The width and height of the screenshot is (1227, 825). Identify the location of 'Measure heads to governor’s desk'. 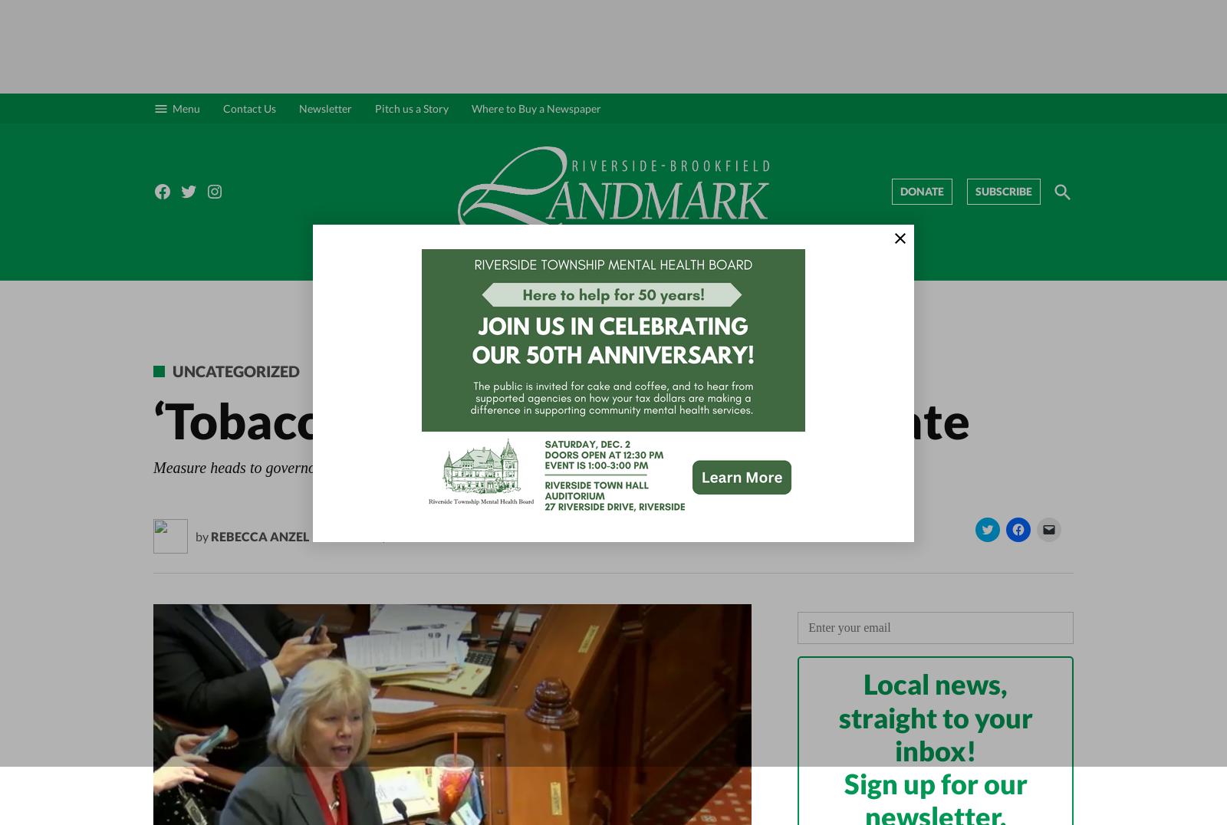
(258, 467).